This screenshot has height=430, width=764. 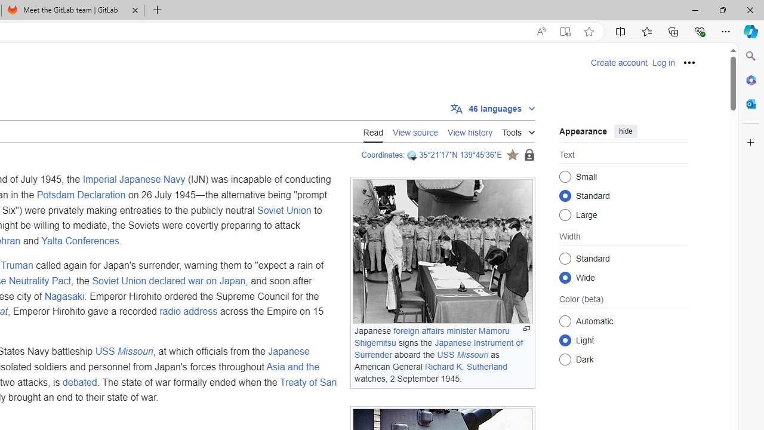 I want to click on 'Small', so click(x=565, y=176).